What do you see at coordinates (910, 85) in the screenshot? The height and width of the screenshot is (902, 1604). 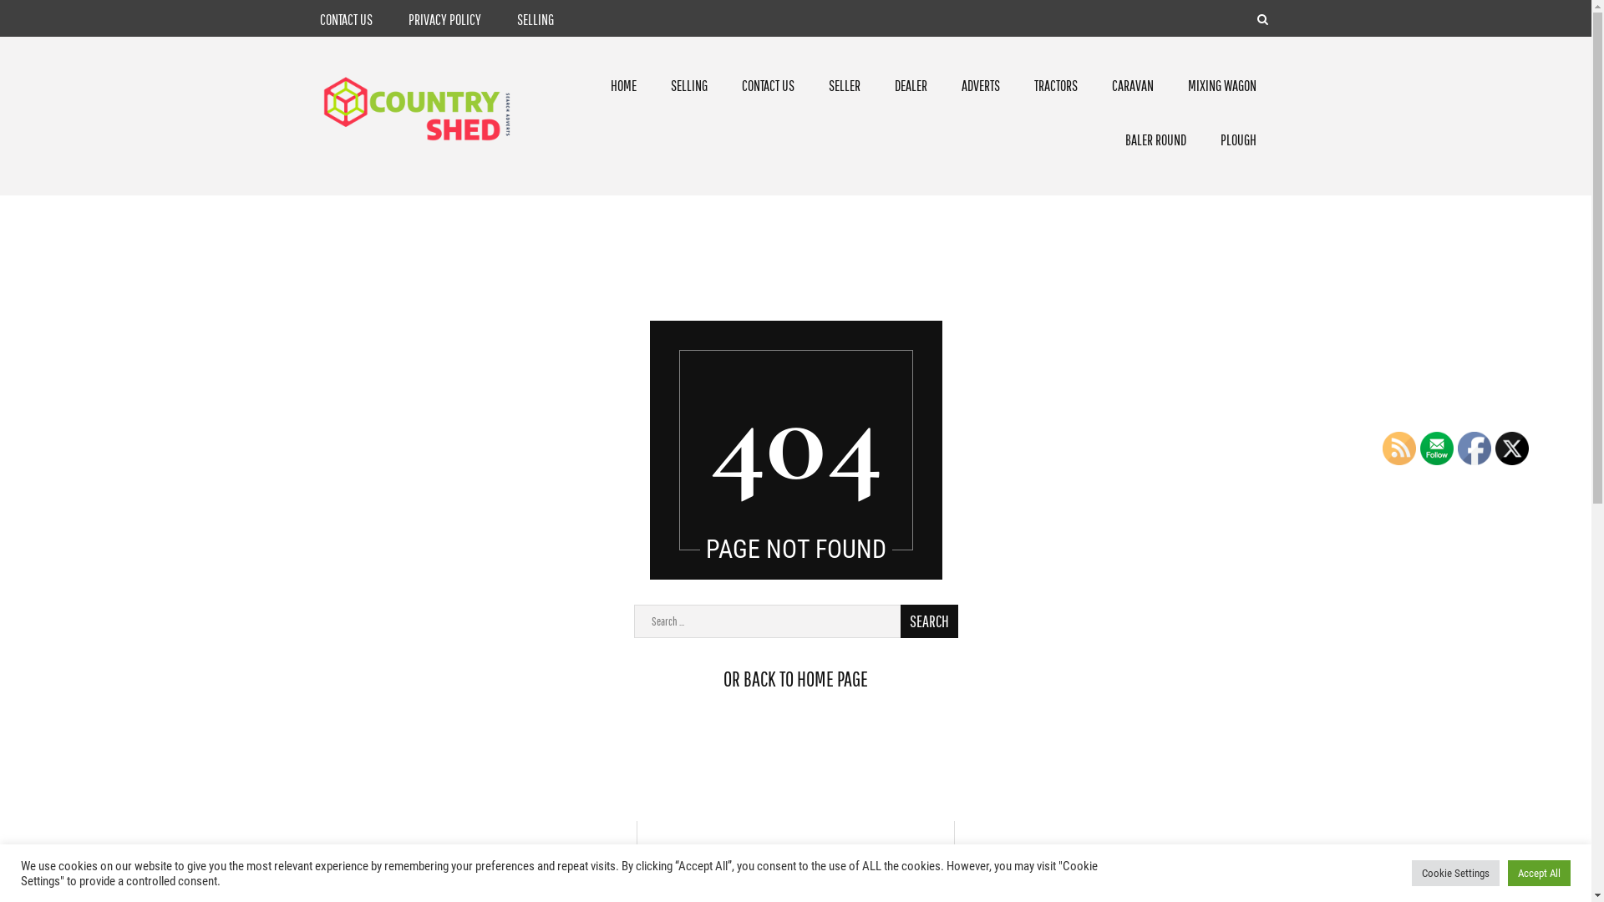 I see `'DEALER'` at bounding box center [910, 85].